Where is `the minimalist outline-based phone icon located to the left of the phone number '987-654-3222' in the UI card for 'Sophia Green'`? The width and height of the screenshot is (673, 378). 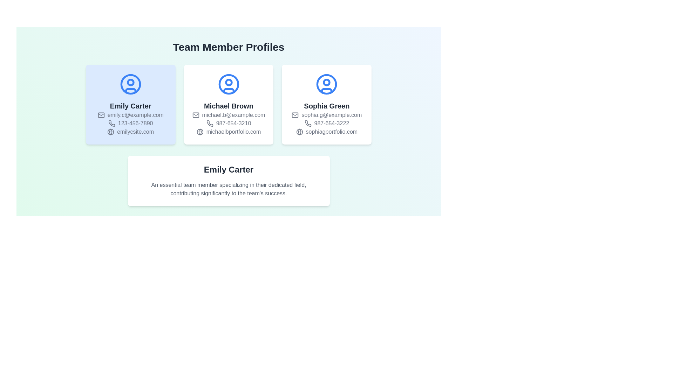 the minimalist outline-based phone icon located to the left of the phone number '987-654-3222' in the UI card for 'Sophia Green' is located at coordinates (308, 123).